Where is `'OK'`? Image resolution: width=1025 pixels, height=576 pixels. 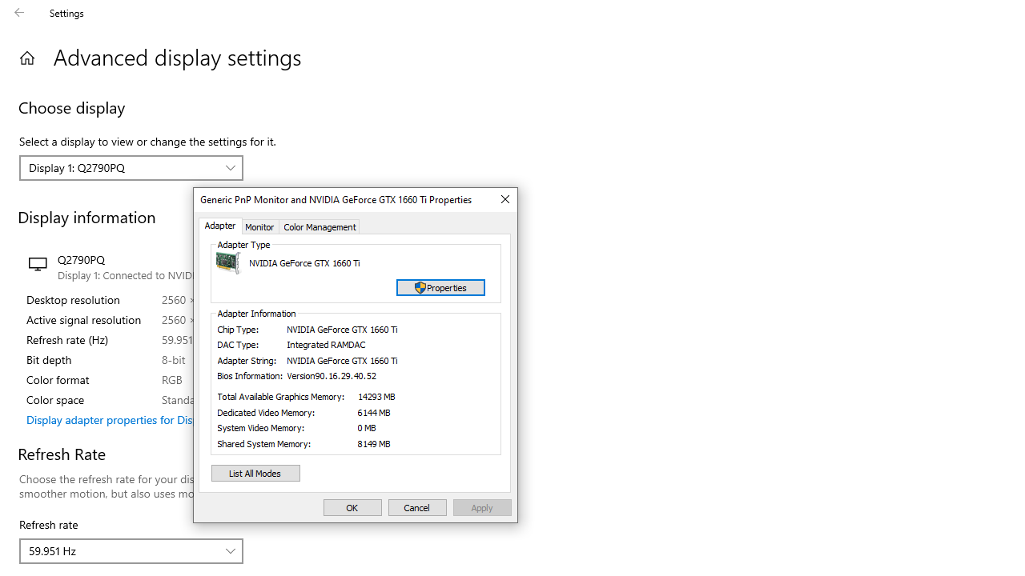 'OK' is located at coordinates (352, 507).